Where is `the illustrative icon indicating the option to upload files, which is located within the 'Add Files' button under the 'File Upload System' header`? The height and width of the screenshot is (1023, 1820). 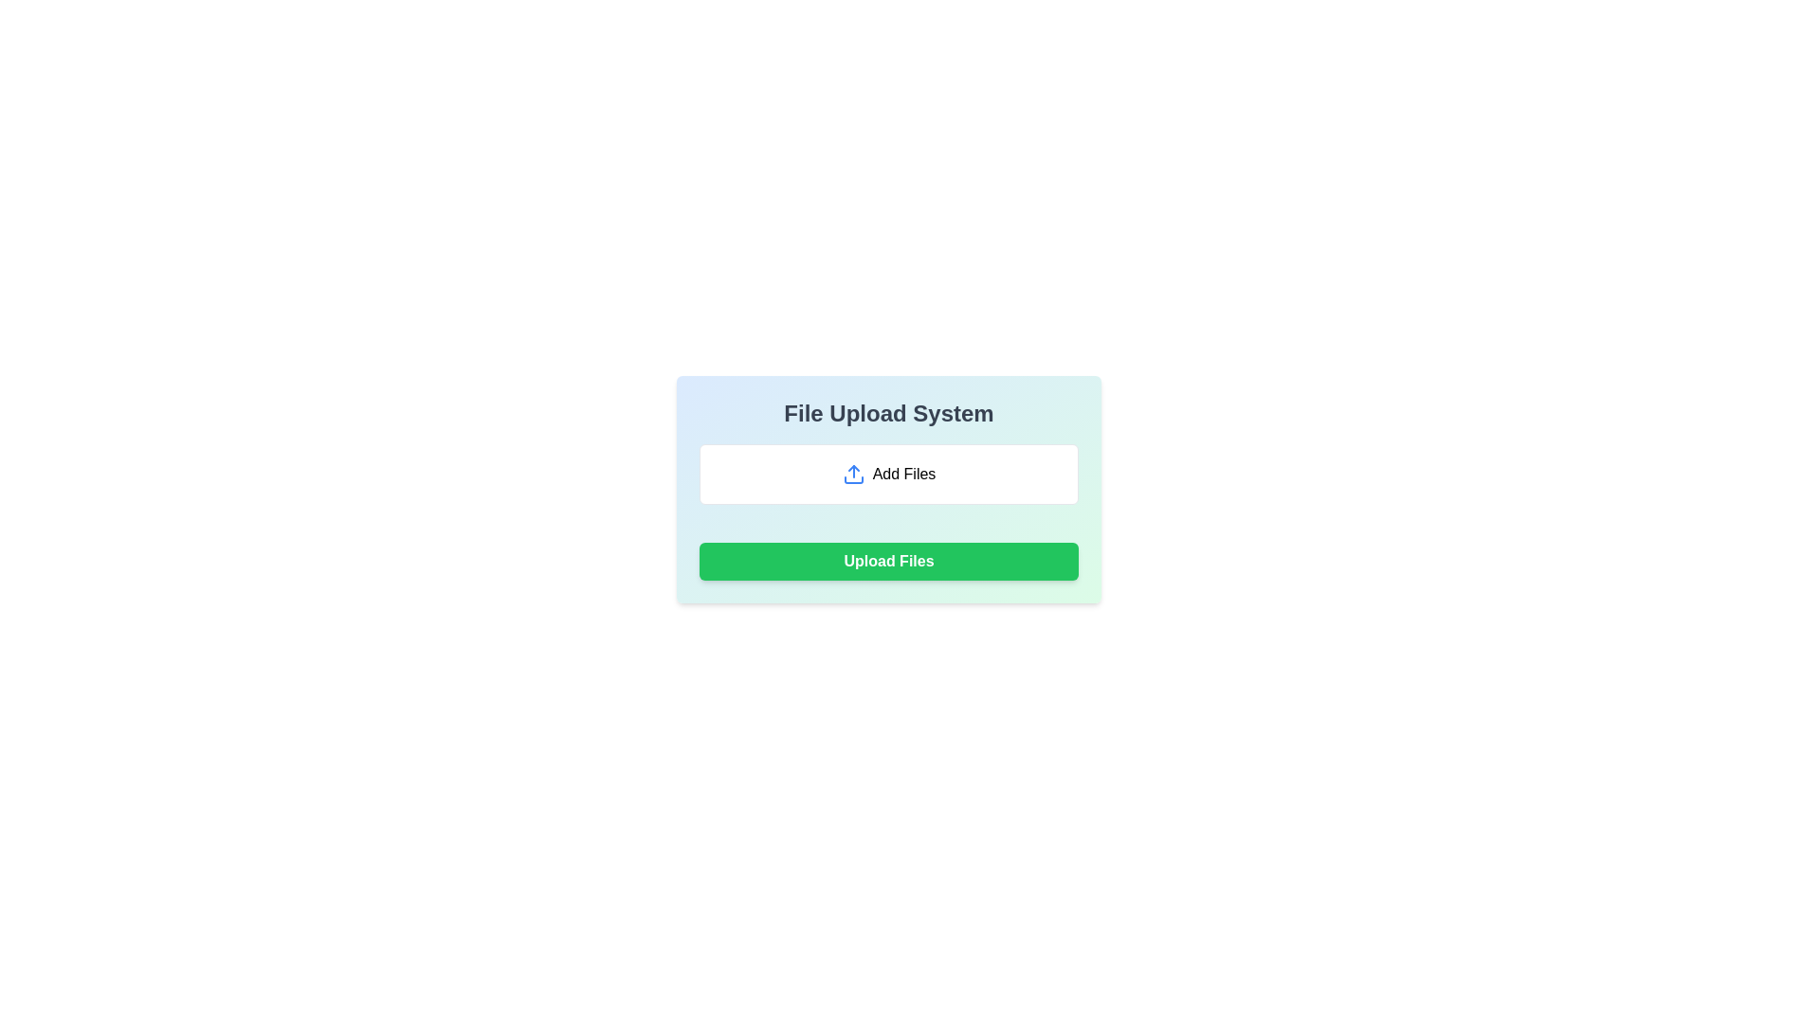 the illustrative icon indicating the option to upload files, which is located within the 'Add Files' button under the 'File Upload System' header is located at coordinates (852, 474).